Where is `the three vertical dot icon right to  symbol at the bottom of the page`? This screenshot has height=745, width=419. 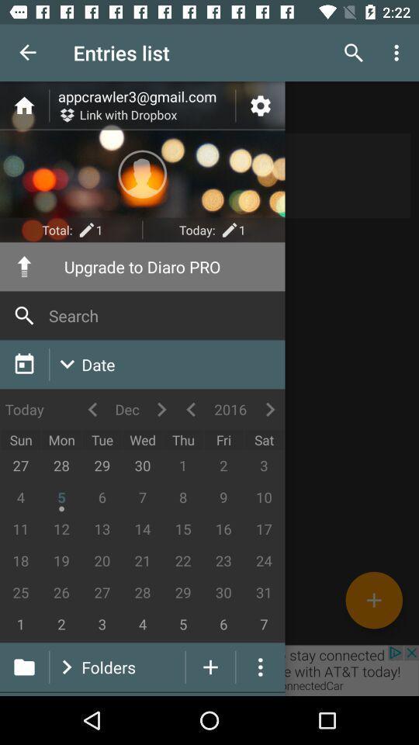 the three vertical dot icon right to  symbol at the bottom of the page is located at coordinates (261, 666).